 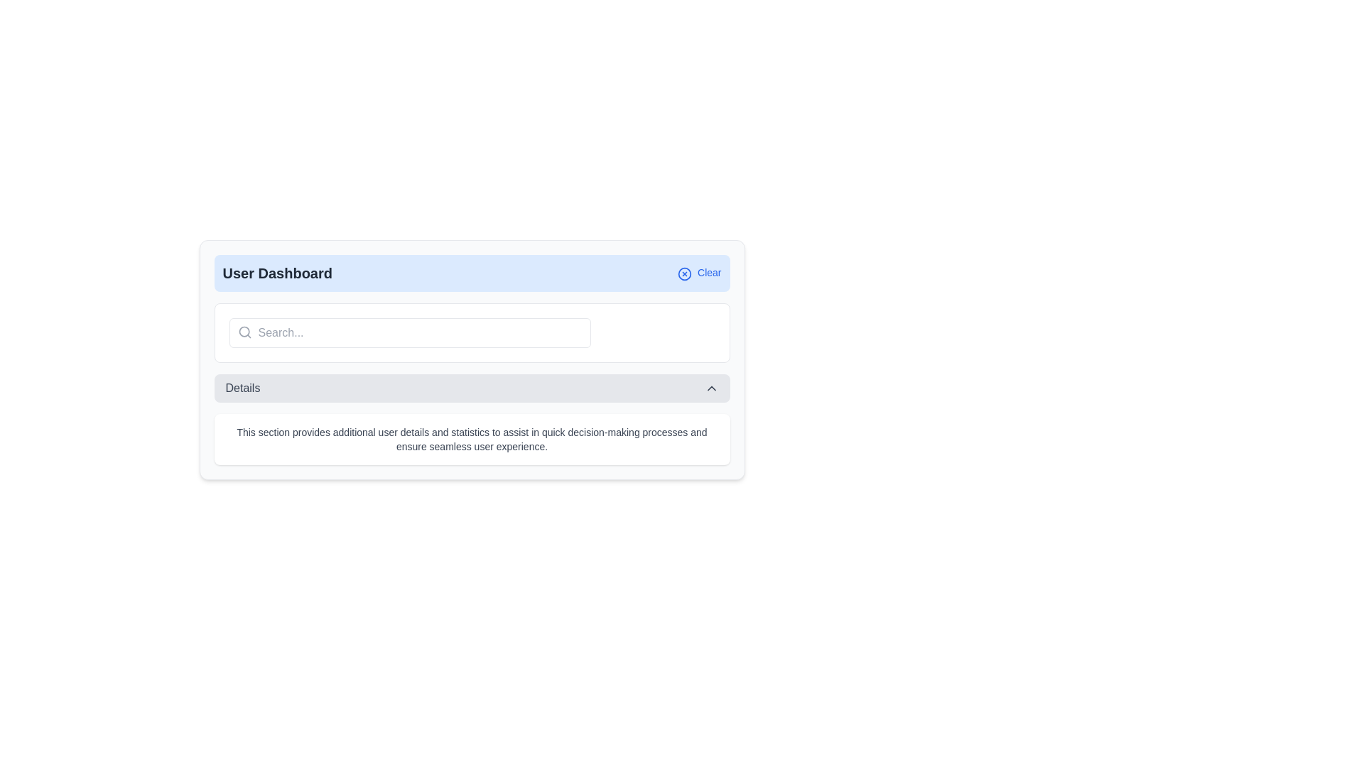 I want to click on the Informational Section located in the User Dashboard panel, specifically the fourth content block below the search bar, so click(x=472, y=418).